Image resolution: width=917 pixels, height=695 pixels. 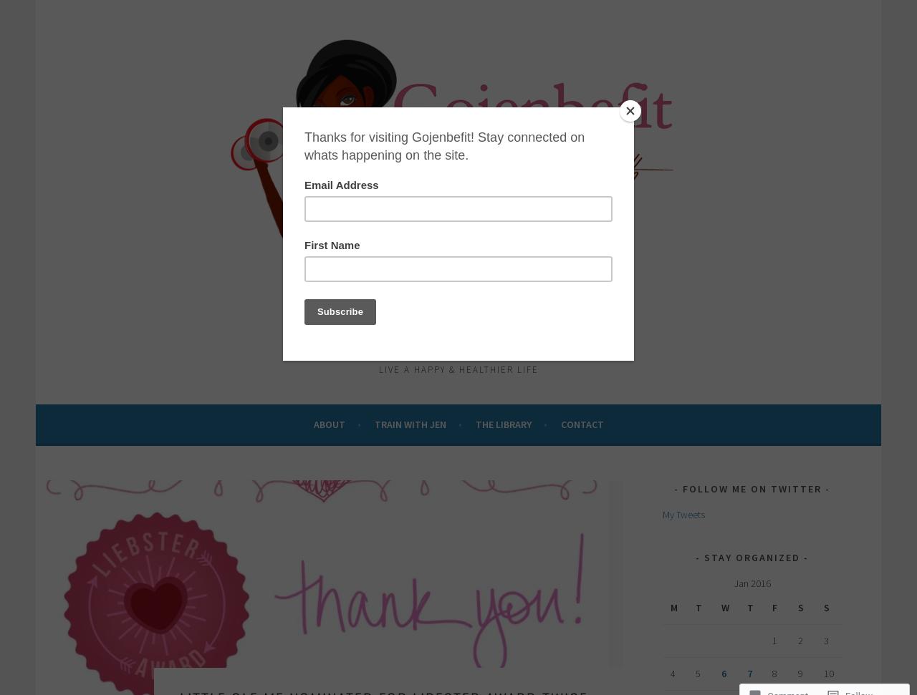 I want to click on 'W', so click(x=724, y=607).